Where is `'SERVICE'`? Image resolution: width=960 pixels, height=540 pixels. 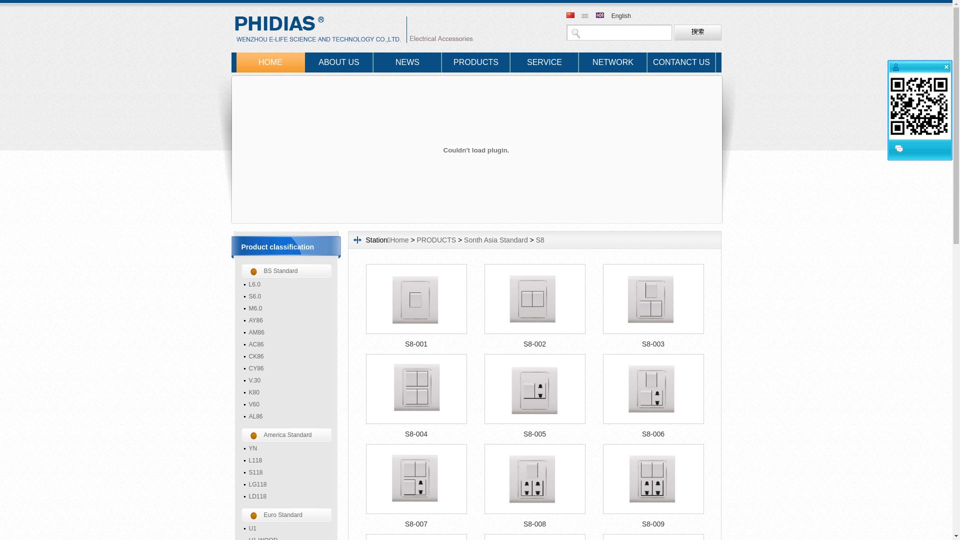
'SERVICE' is located at coordinates (509, 62).